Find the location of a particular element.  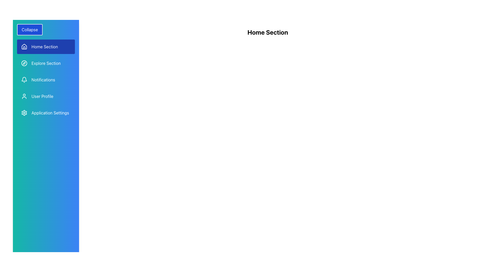

the 'Explore Section' text label in the left vertical navigation panel is located at coordinates (46, 63).